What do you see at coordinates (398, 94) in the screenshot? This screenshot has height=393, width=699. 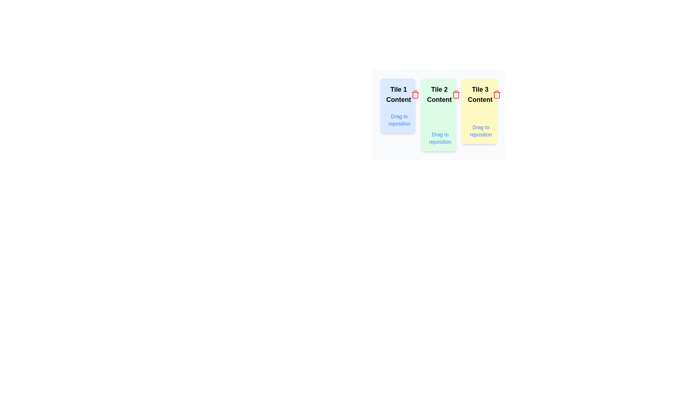 I see `the text label that says 'Tile 1 Content', which is styled with a bold, large font and is visually identifiable by its black text color against a light blue background` at bounding box center [398, 94].